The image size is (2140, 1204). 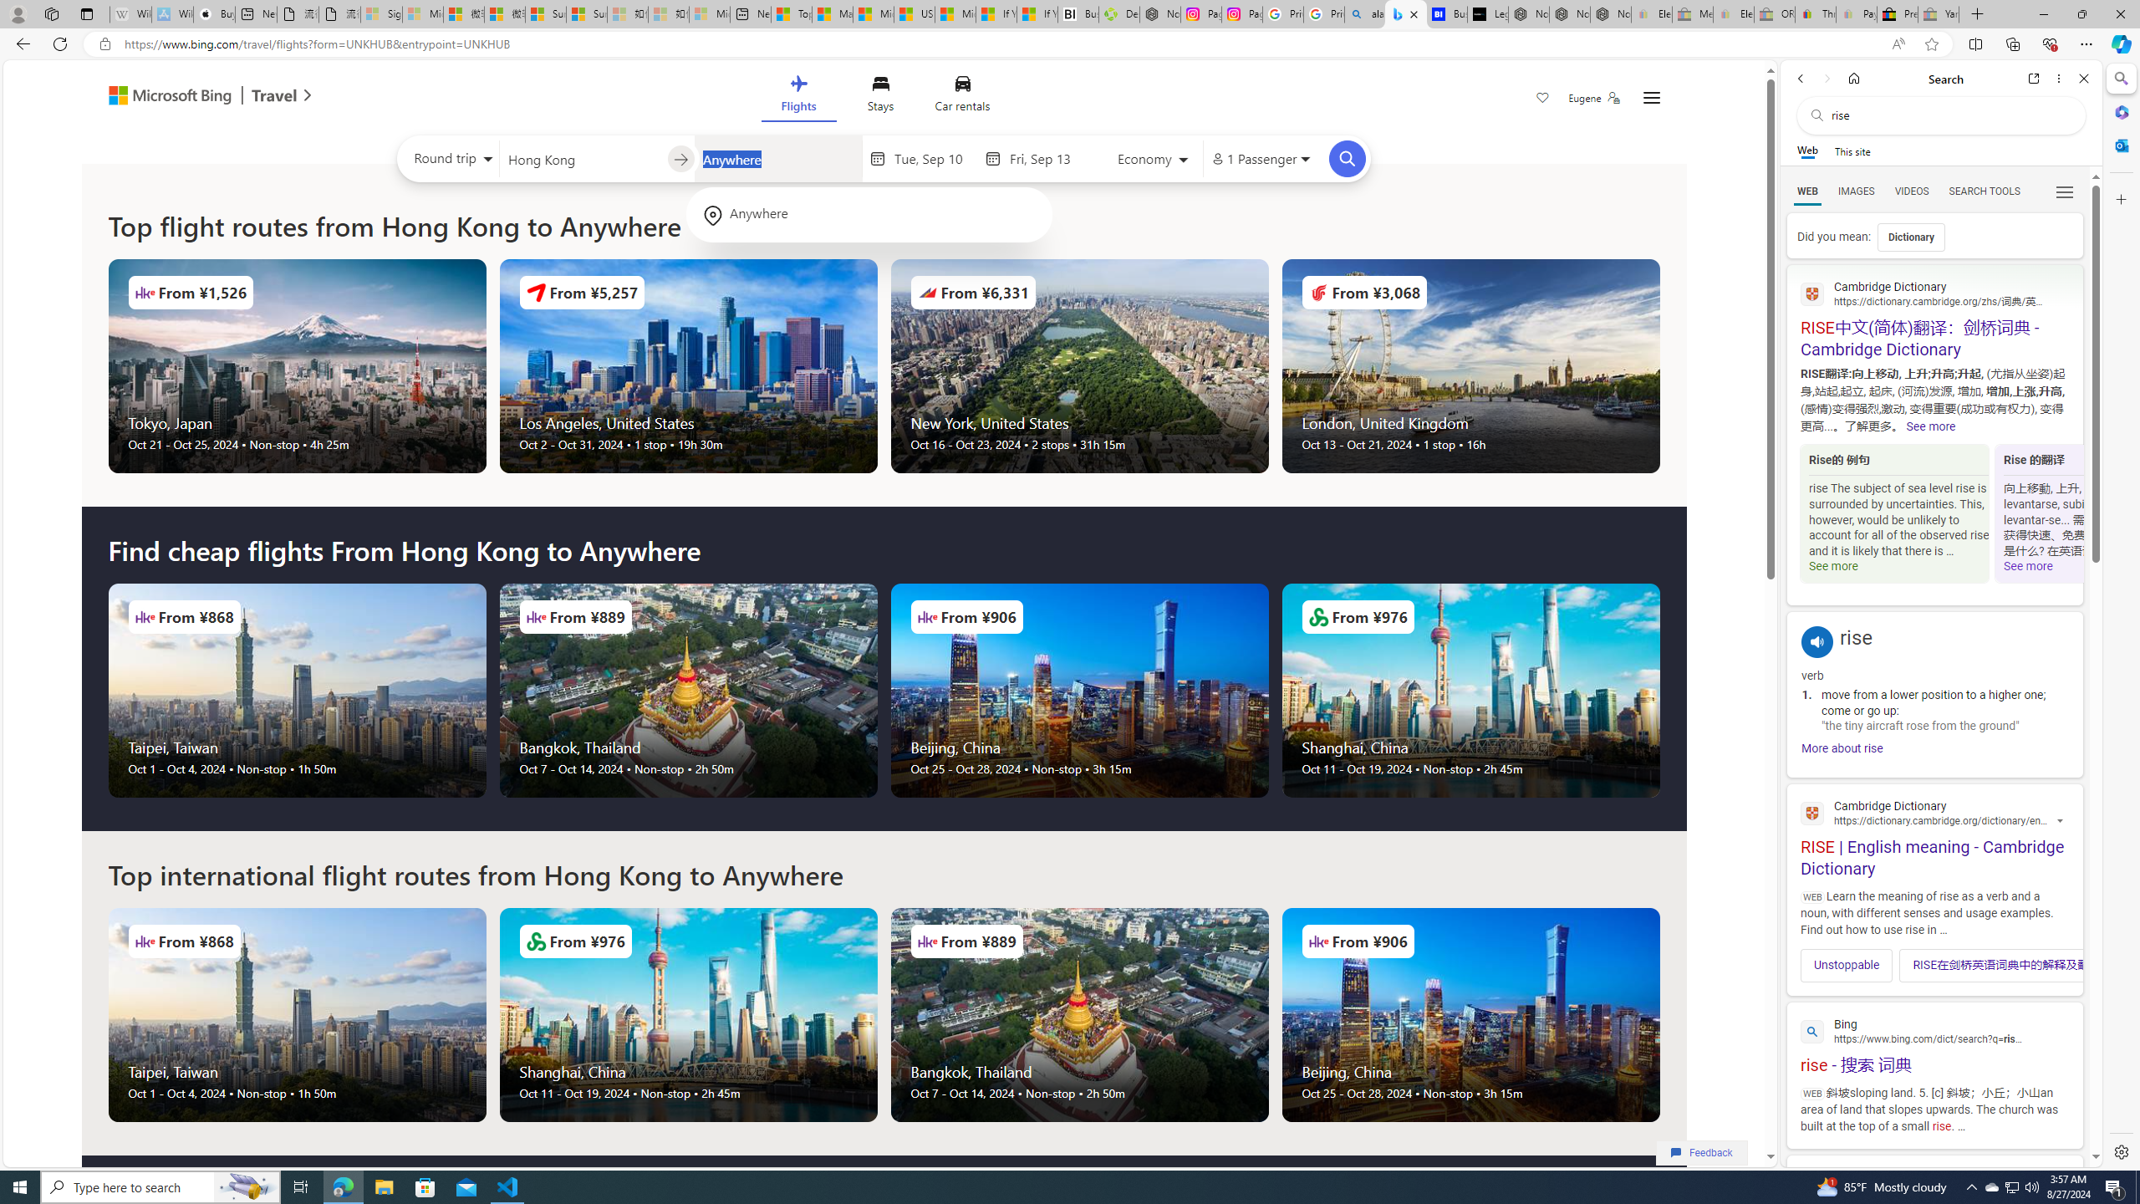 What do you see at coordinates (1049, 158) in the screenshot?
I see `'End date'` at bounding box center [1049, 158].